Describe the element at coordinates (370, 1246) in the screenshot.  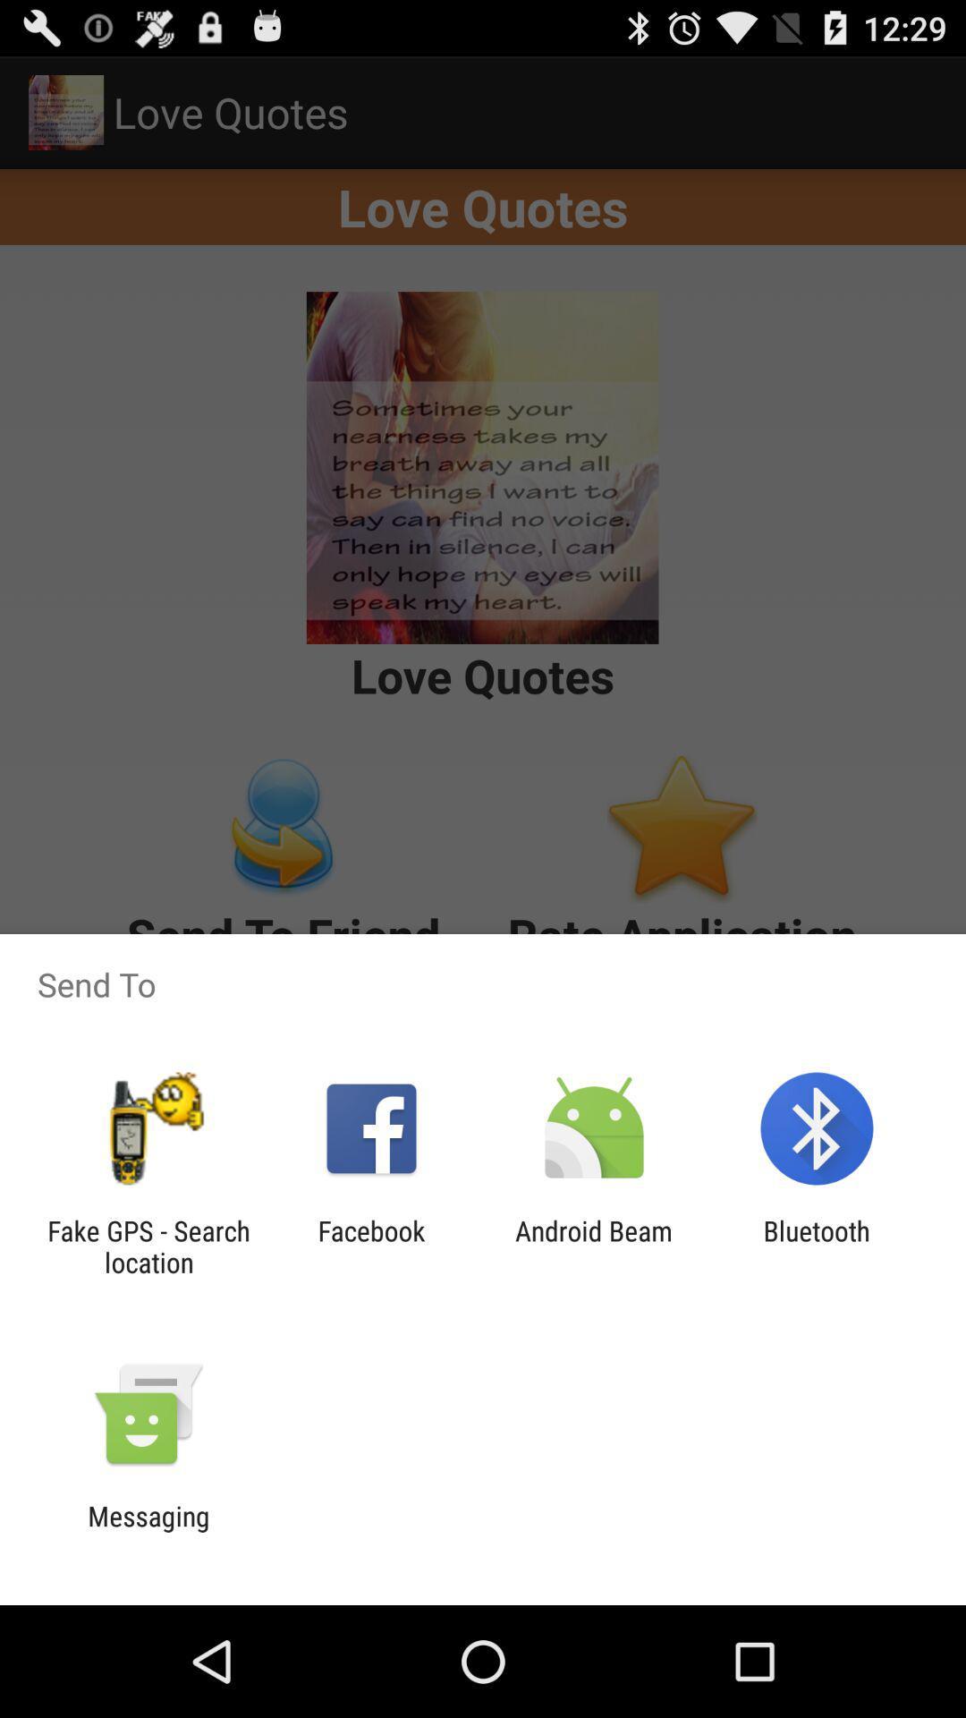
I see `the facebook` at that location.